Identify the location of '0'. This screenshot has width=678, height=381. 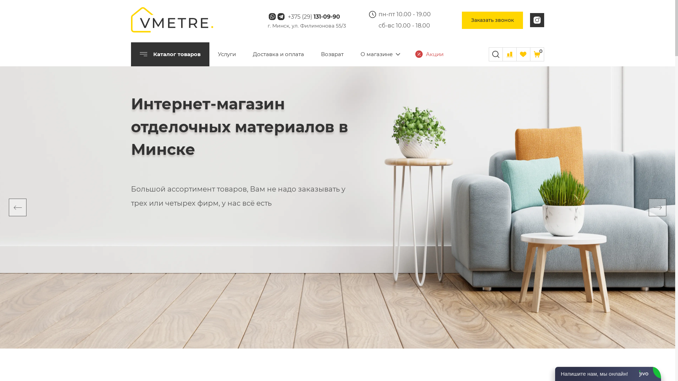
(530, 54).